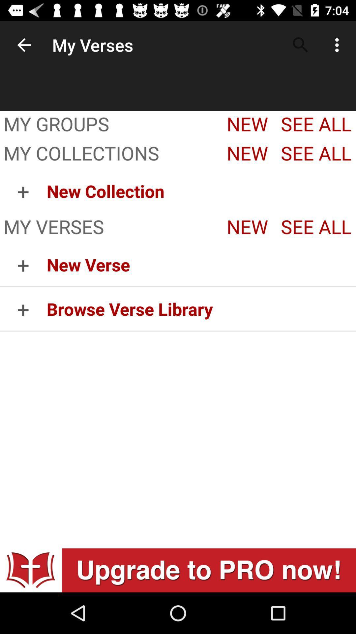 The height and width of the screenshot is (634, 356). Describe the element at coordinates (201, 264) in the screenshot. I see `the new verse icon` at that location.